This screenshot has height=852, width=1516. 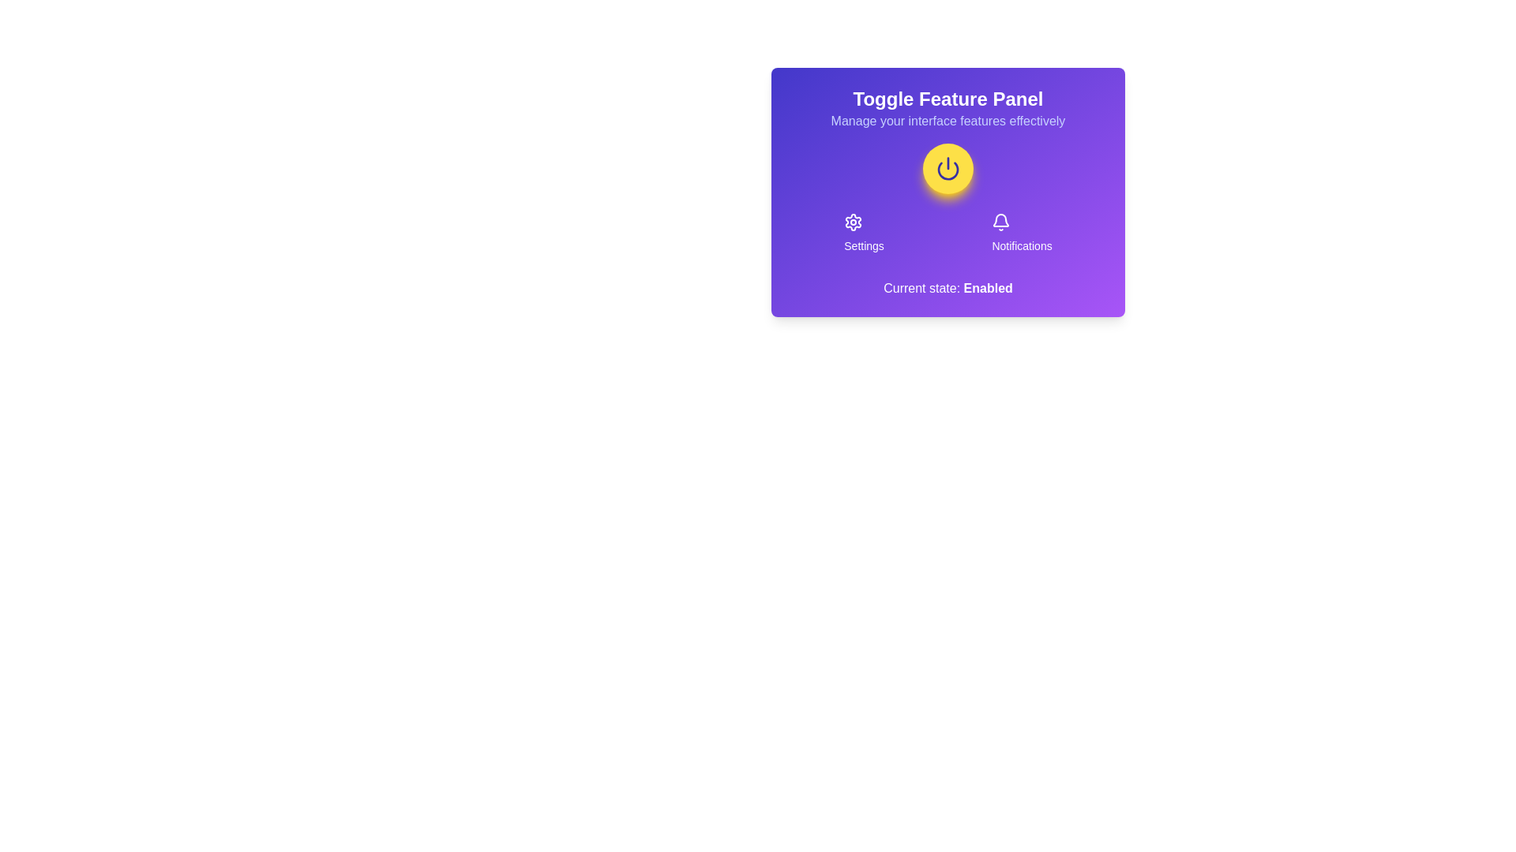 I want to click on the 'Settings' section of the navigation bar, so click(x=947, y=234).